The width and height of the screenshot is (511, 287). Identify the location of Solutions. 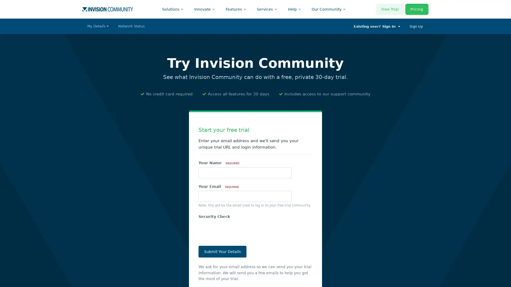
(173, 9).